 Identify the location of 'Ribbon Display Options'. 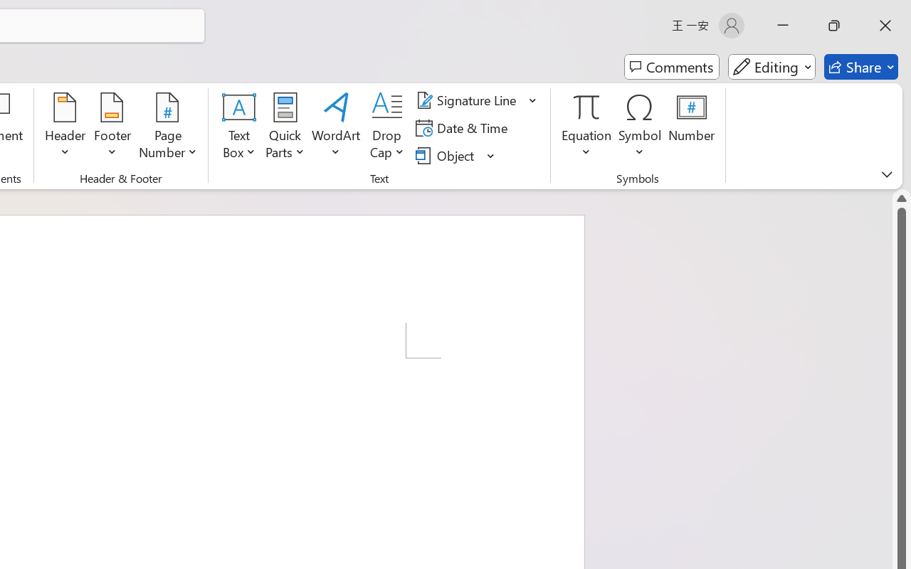
(886, 174).